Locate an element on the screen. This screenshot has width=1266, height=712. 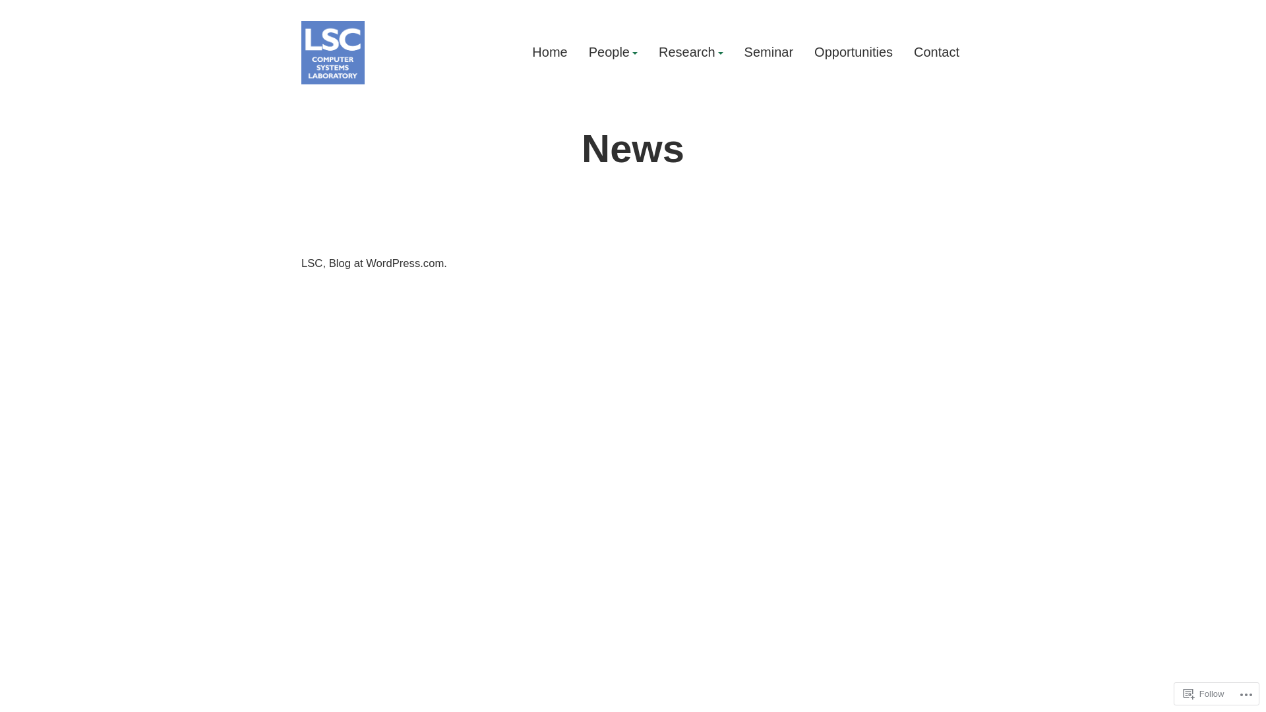
'Seminar' is located at coordinates (769, 52).